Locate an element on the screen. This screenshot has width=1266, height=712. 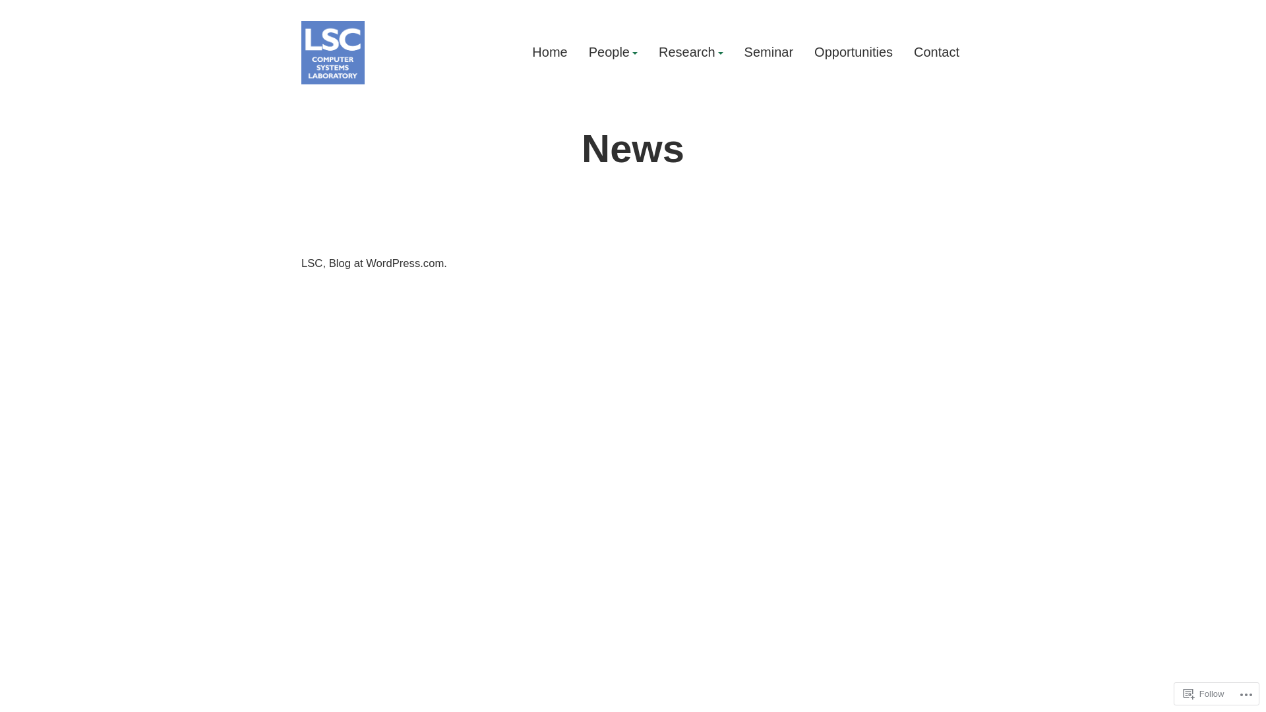
'Seminar' is located at coordinates (769, 52).